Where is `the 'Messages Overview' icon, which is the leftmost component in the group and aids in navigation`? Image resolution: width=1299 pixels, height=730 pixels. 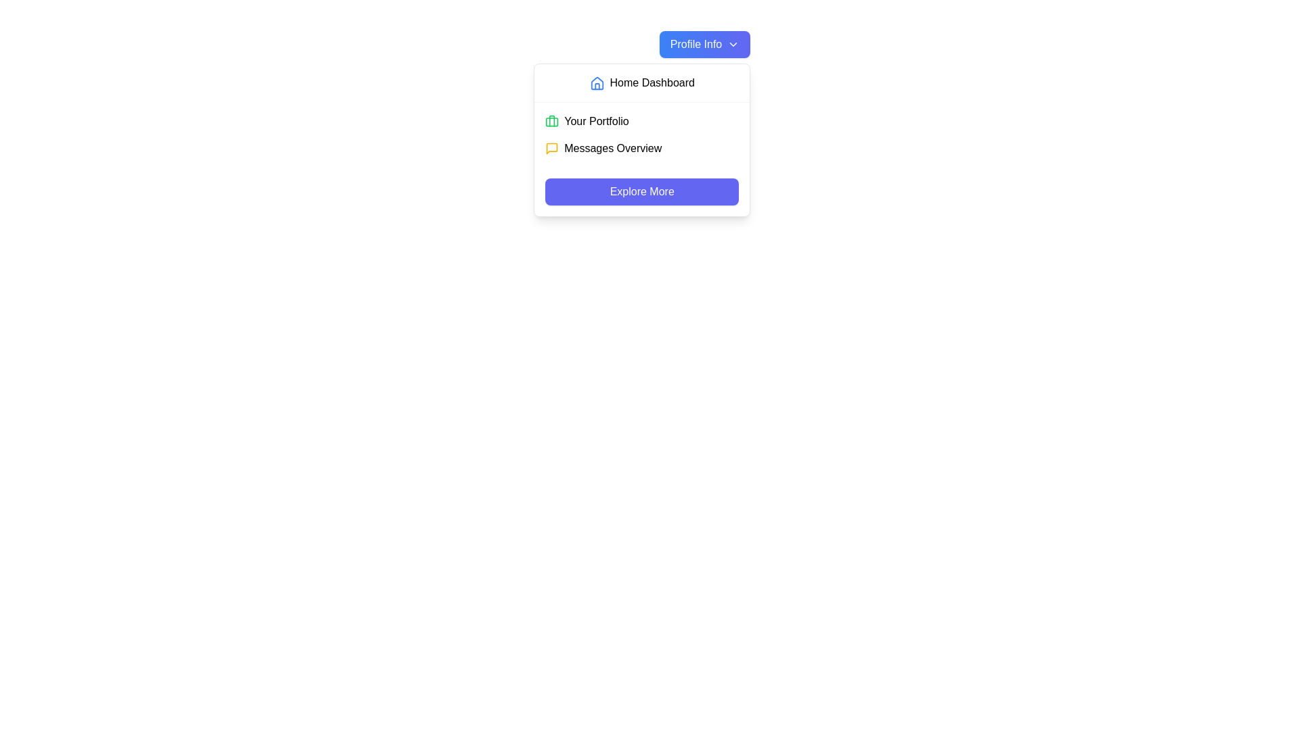 the 'Messages Overview' icon, which is the leftmost component in the group and aids in navigation is located at coordinates (552, 148).